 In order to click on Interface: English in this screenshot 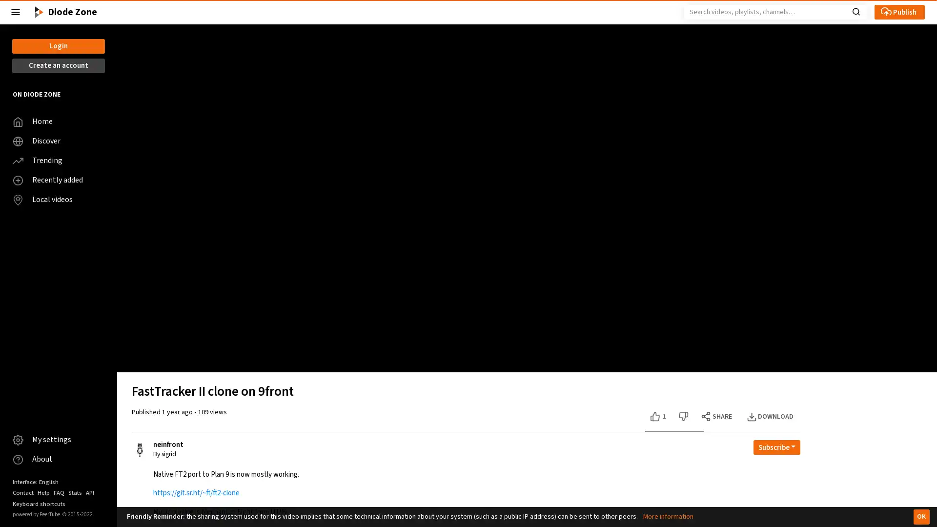, I will do `click(35, 481)`.